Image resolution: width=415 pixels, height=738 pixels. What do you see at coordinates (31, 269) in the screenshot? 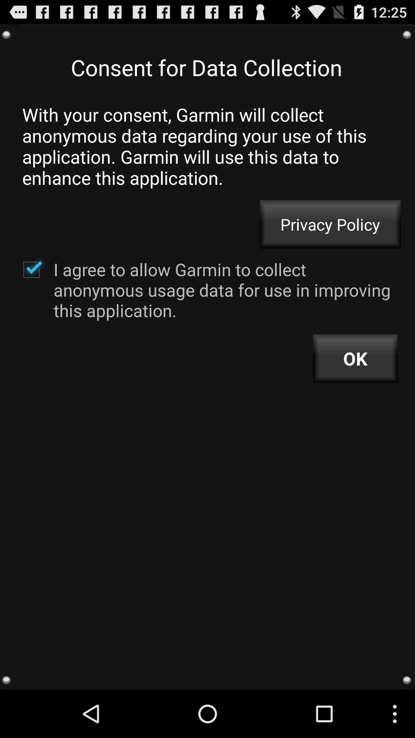
I see `agreement` at bounding box center [31, 269].